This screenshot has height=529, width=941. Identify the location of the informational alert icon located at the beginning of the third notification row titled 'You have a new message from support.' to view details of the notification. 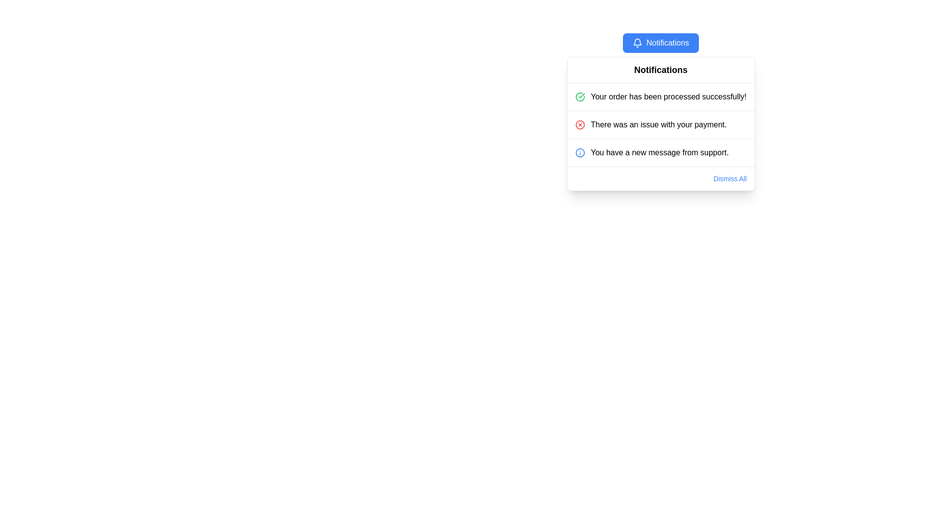
(580, 153).